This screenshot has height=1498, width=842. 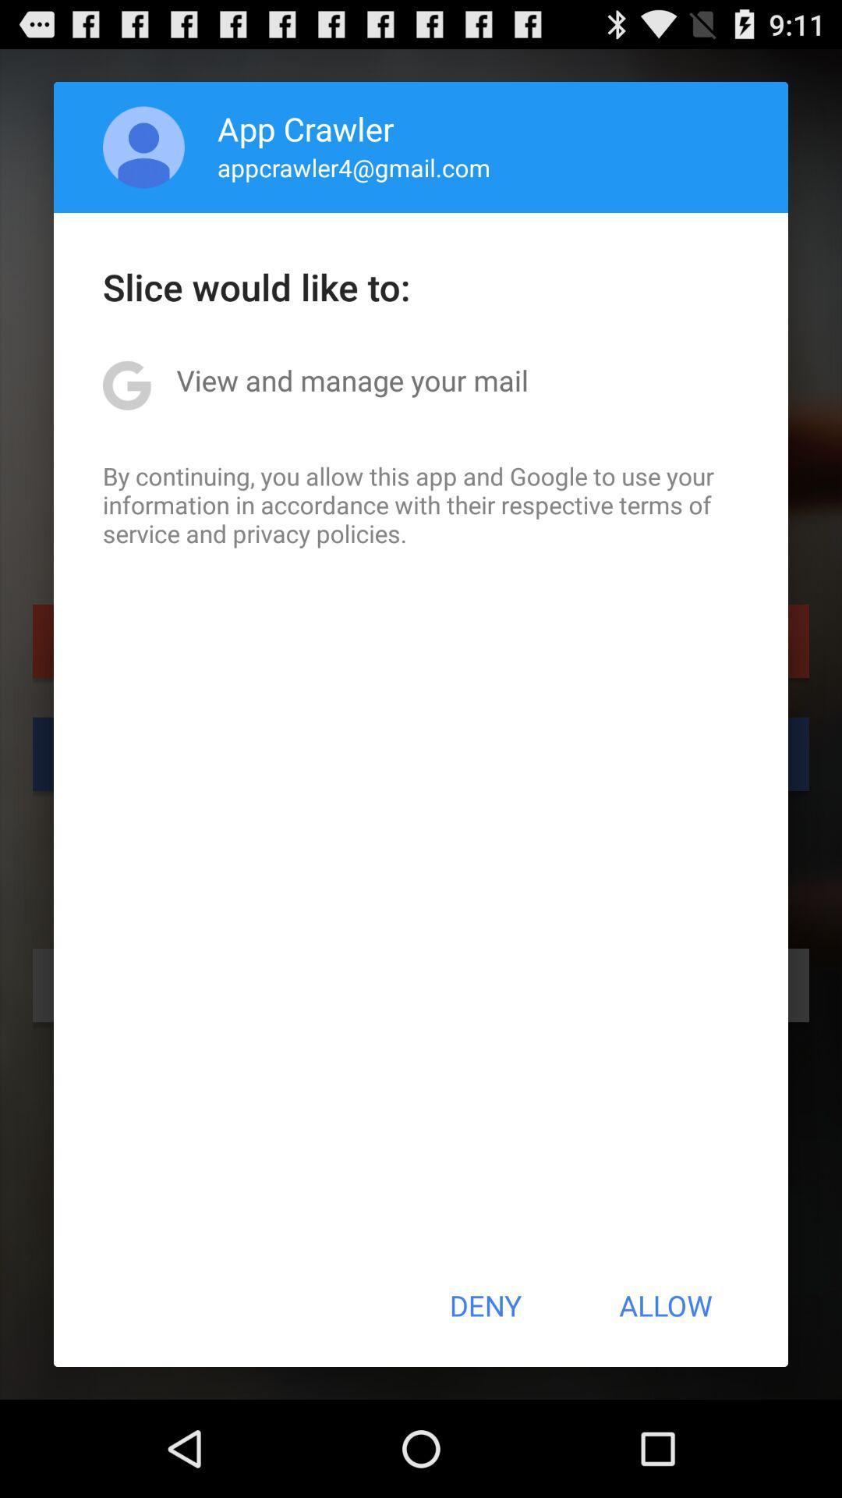 I want to click on app crawler item, so click(x=306, y=128).